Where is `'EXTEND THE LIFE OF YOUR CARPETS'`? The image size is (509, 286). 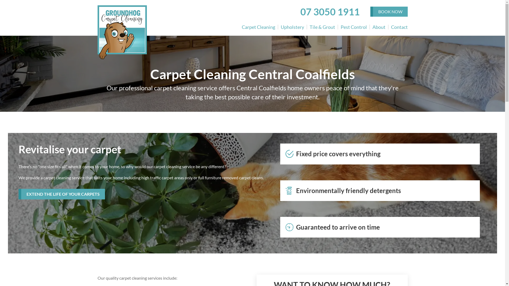 'EXTEND THE LIFE OF YOUR CARPETS' is located at coordinates (62, 194).